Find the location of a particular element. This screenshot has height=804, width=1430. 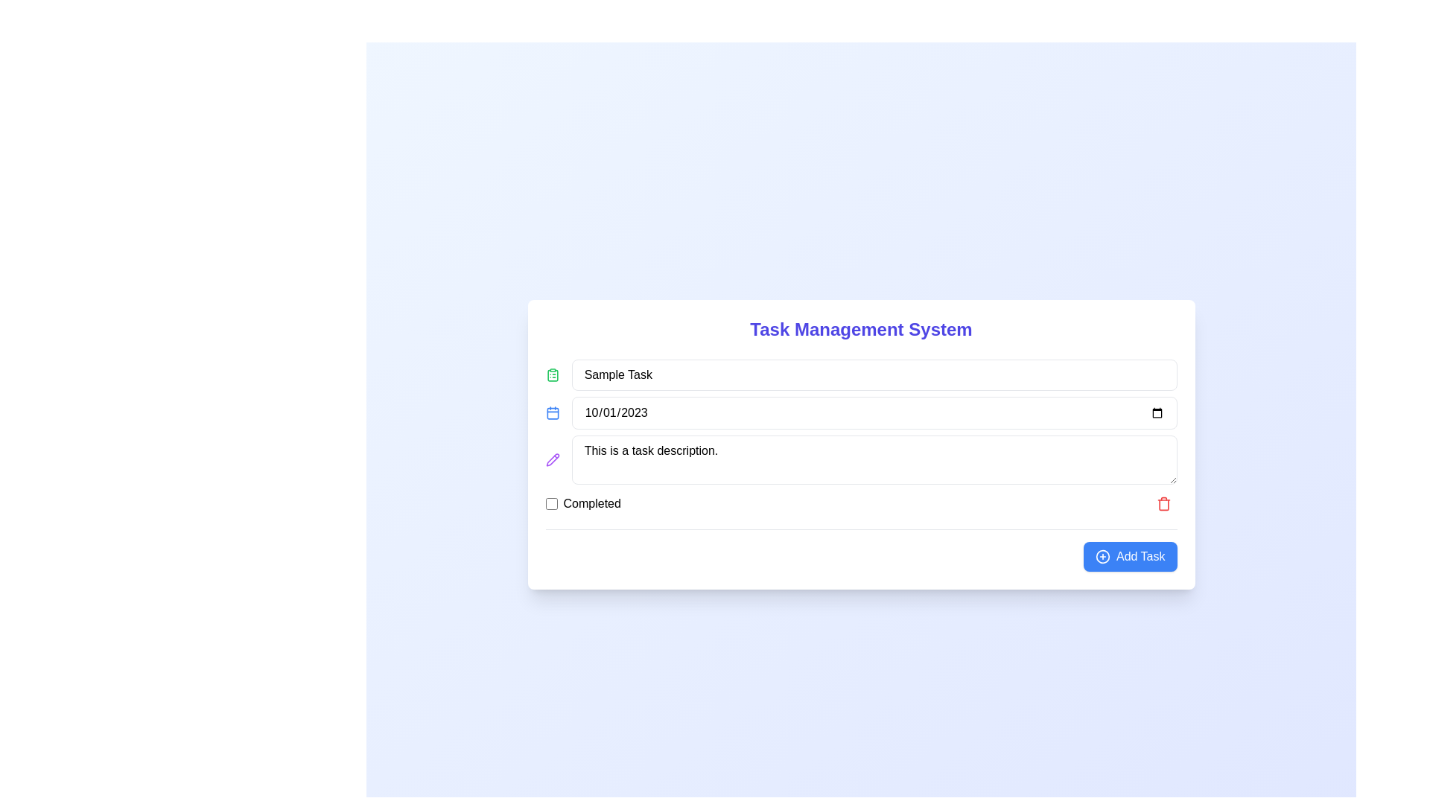

the icon located within the blue, rounded rectangular 'Add Task' button, positioned towards the left side adjacent to the button's text is located at coordinates (1102, 556).